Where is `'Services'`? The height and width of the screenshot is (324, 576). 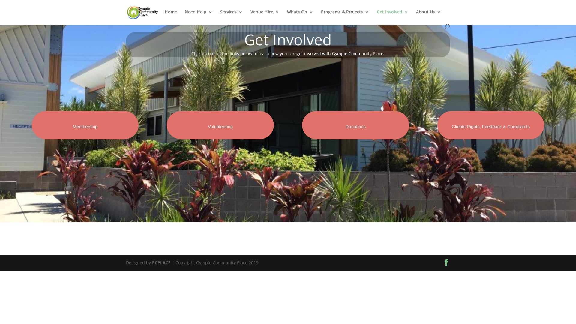
'Services' is located at coordinates (231, 16).